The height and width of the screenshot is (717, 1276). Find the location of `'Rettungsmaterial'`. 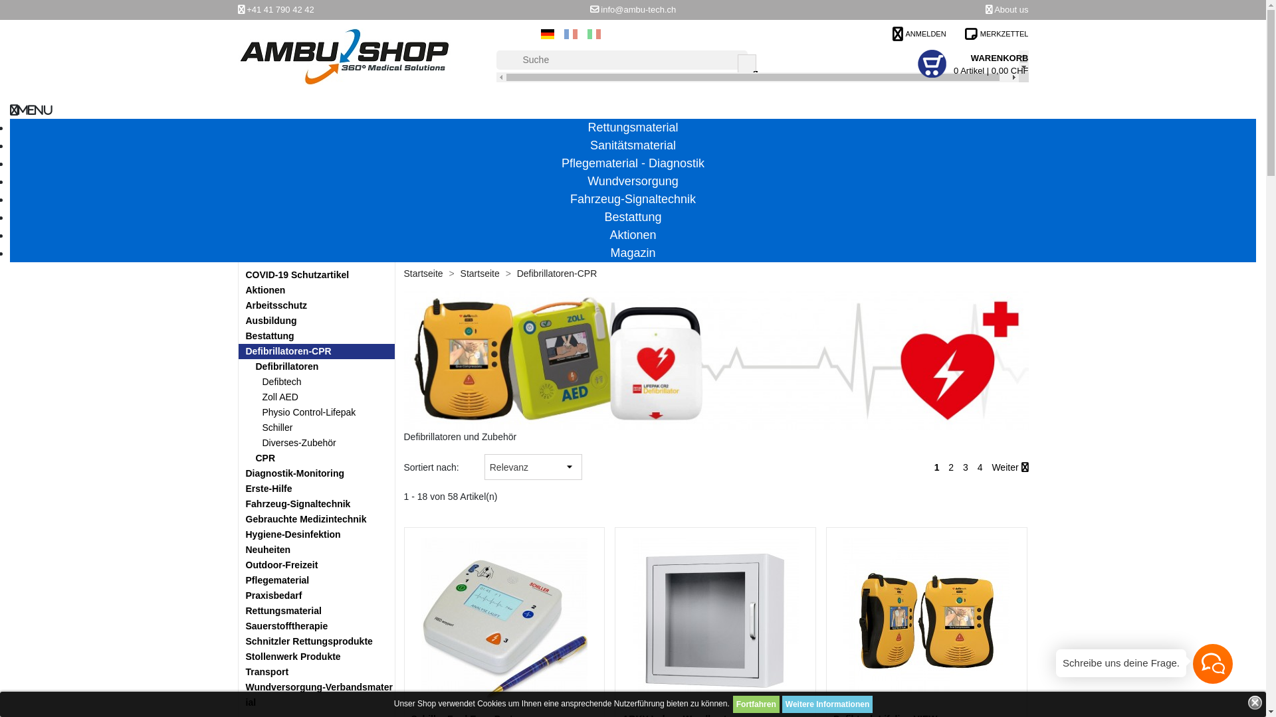

'Rettungsmaterial' is located at coordinates (631, 127).